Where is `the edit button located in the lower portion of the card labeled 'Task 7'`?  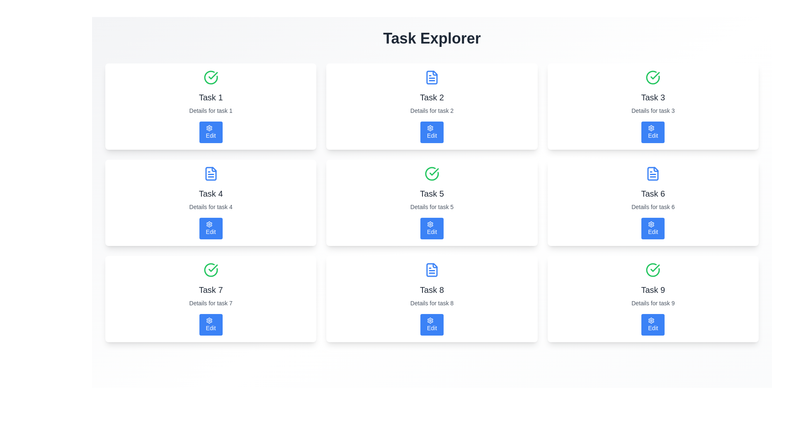 the edit button located in the lower portion of the card labeled 'Task 7' is located at coordinates (211, 324).